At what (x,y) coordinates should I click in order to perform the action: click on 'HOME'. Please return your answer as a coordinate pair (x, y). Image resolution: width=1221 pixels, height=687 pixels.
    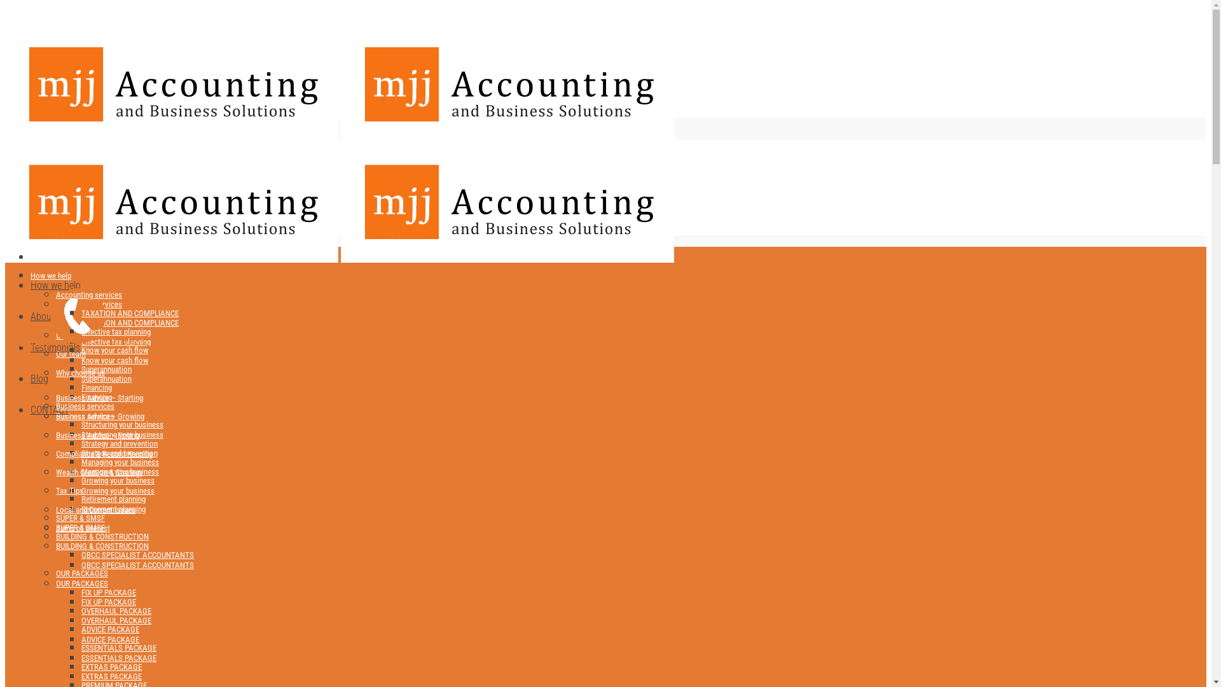
    Looking at the image, I should click on (31, 257).